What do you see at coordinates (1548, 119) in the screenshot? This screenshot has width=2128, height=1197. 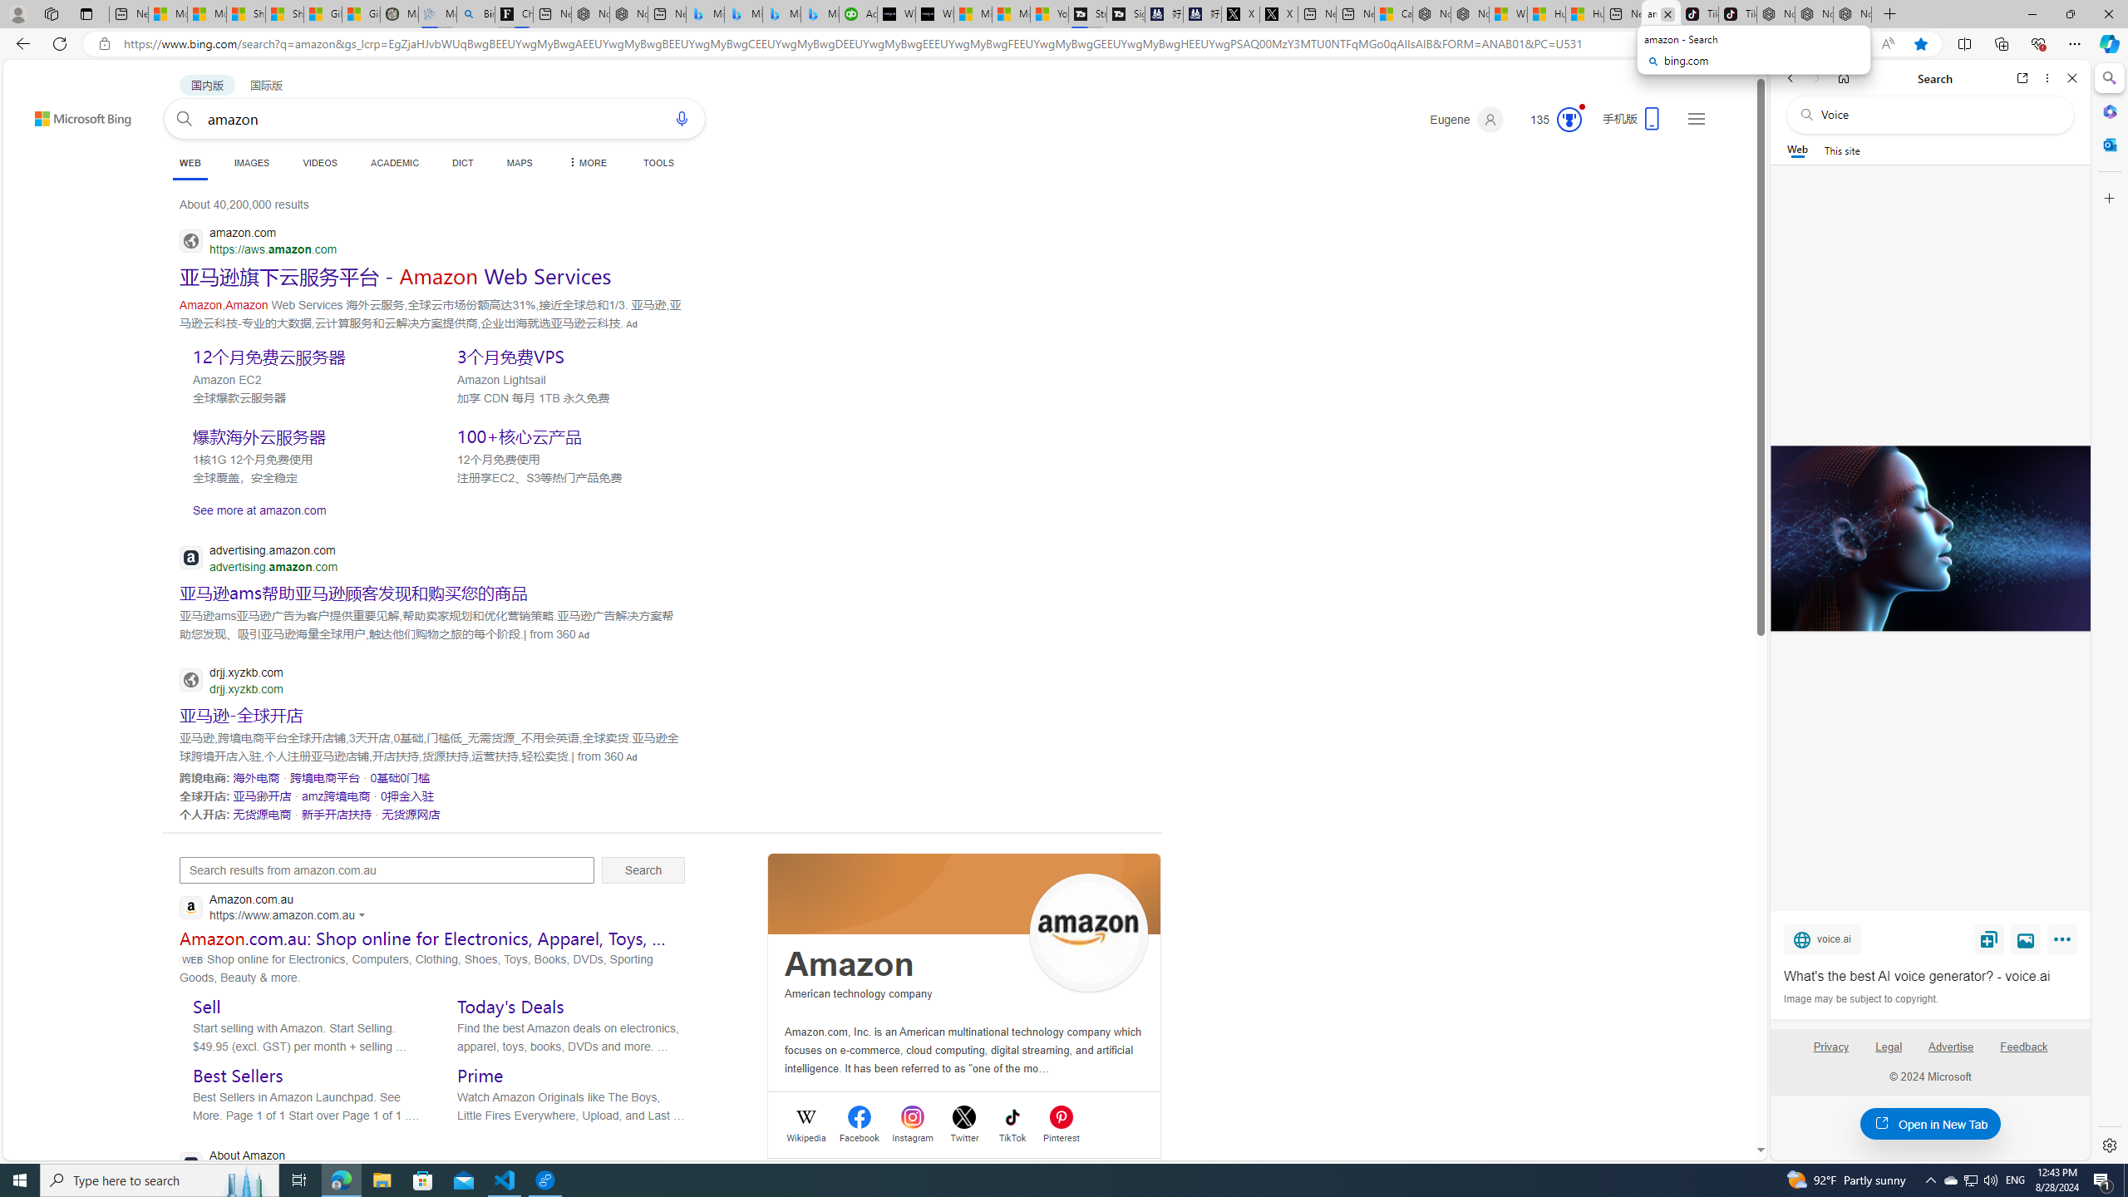 I see `'Microsoft Rewards 132'` at bounding box center [1548, 119].